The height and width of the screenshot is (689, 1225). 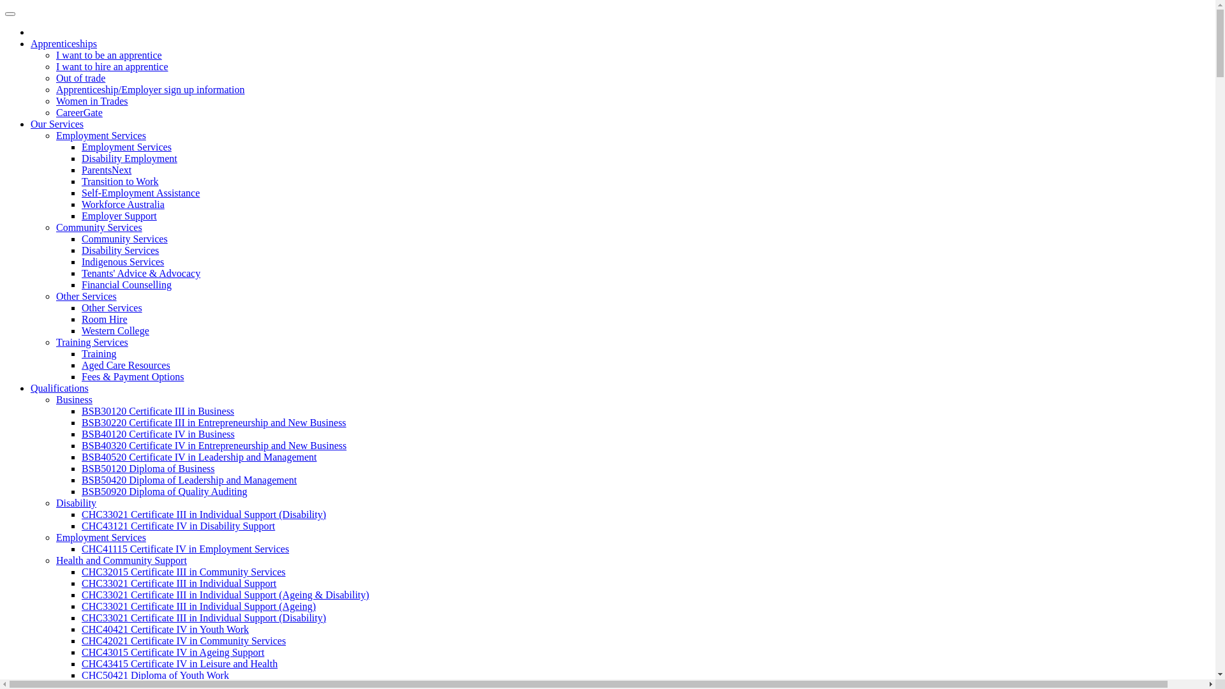 What do you see at coordinates (188, 480) in the screenshot?
I see `'BSB50420 Diploma of Leadership and Management'` at bounding box center [188, 480].